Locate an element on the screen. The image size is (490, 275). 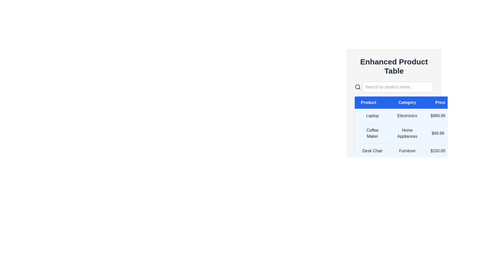
the prominently styled heading that reads 'Enhanced Product Table', which is located at the top of the section above the search bar is located at coordinates (394, 66).